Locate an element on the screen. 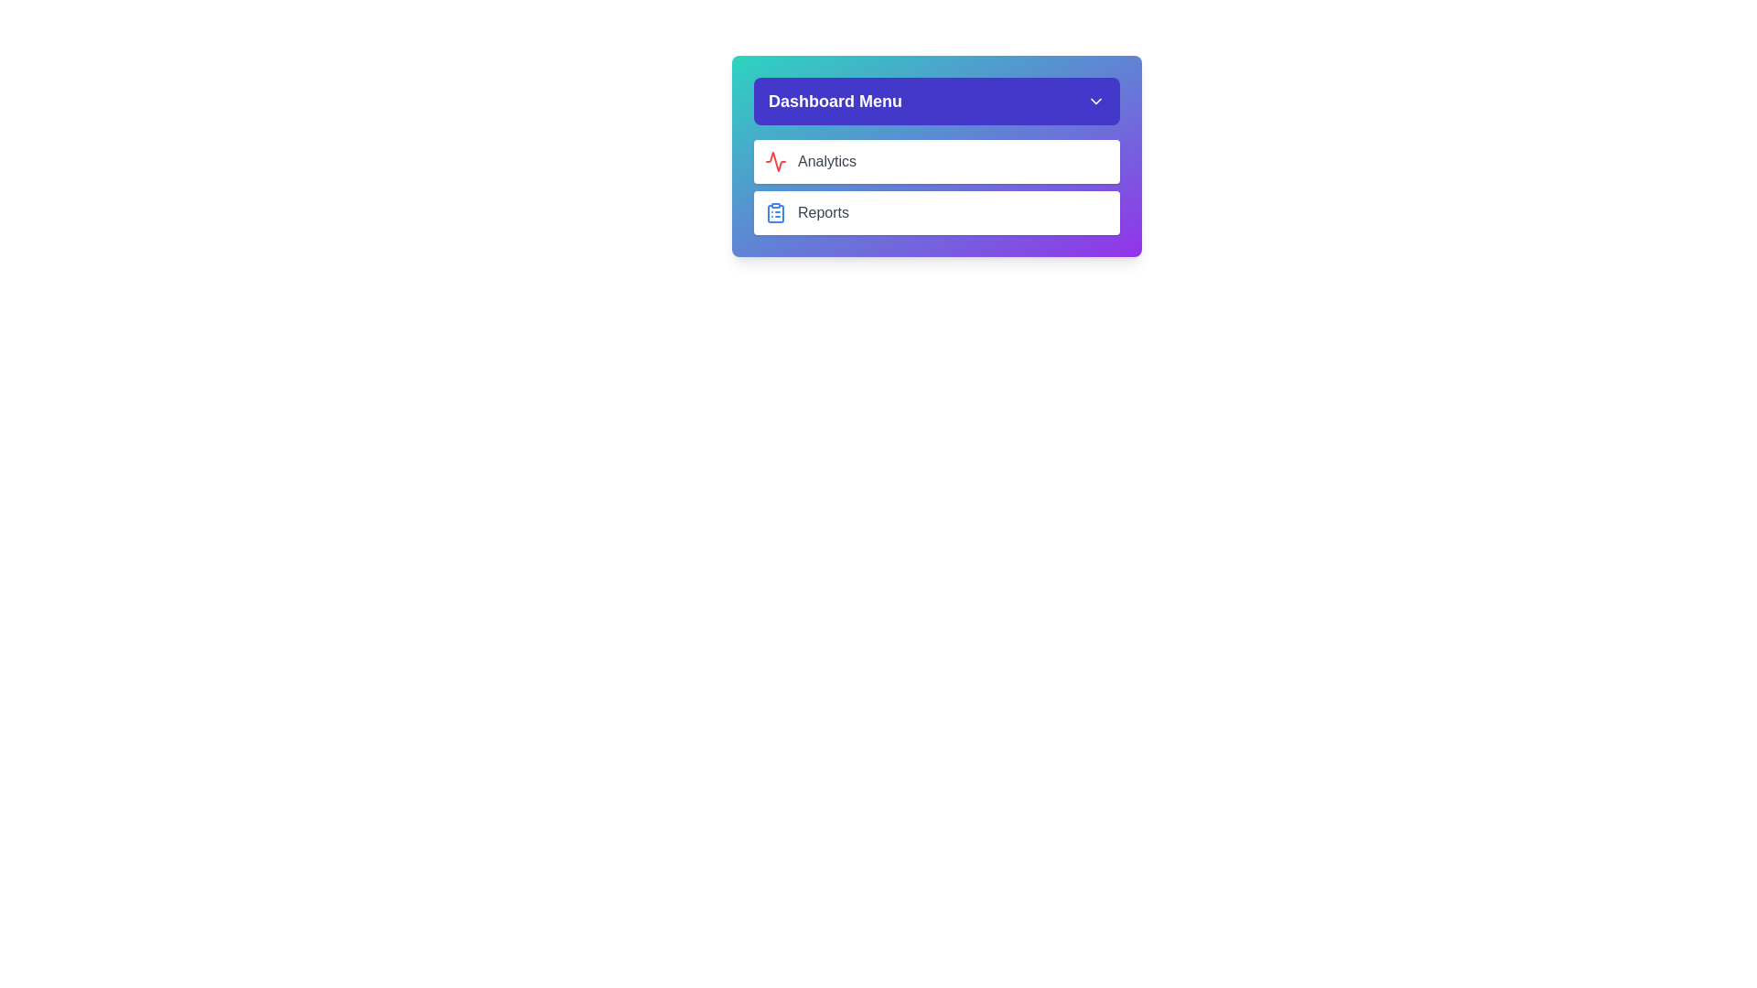 The width and height of the screenshot is (1757, 988). the 'Reports' icon located to the left of the text label 'Reports' in the menu beneath the 'Dashboard Menu' heading is located at coordinates (776, 213).